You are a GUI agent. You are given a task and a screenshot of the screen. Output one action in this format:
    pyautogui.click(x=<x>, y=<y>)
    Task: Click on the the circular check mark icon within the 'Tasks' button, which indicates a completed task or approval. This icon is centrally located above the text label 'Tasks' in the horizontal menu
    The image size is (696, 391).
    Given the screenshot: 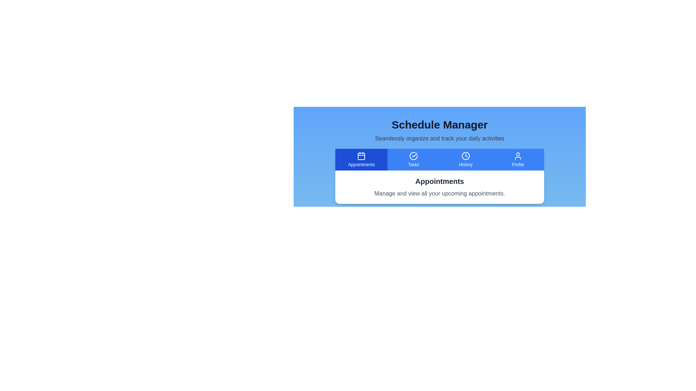 What is the action you would take?
    pyautogui.click(x=414, y=156)
    